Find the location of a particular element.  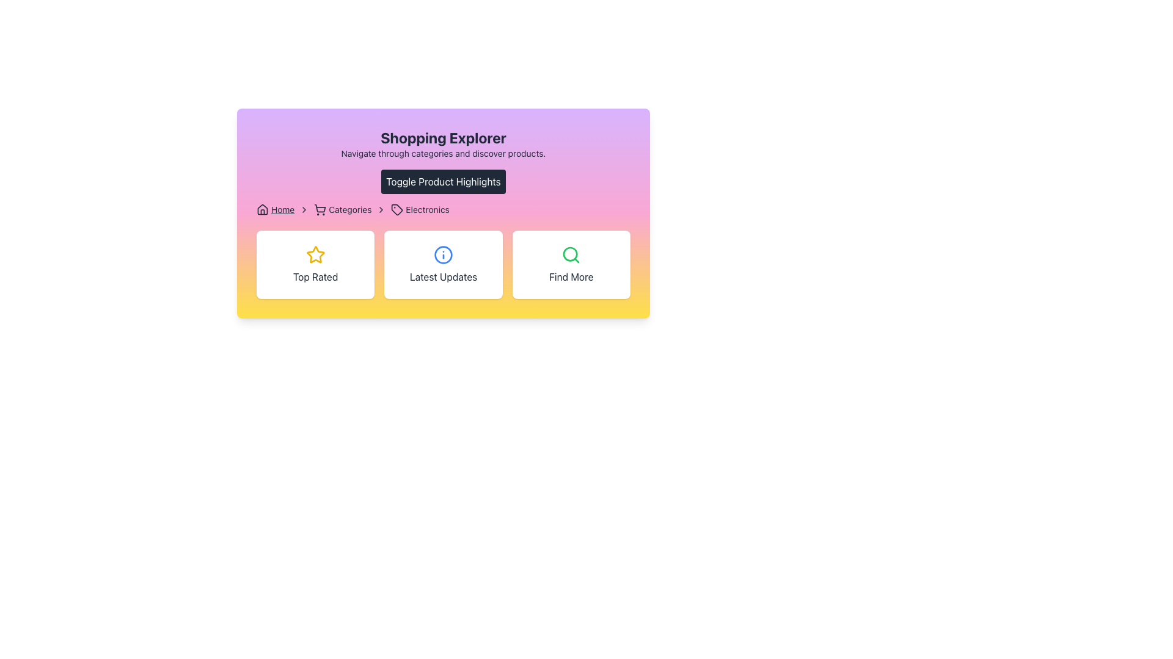

the informational icon within the 'Latest Updates' card is located at coordinates (442, 254).